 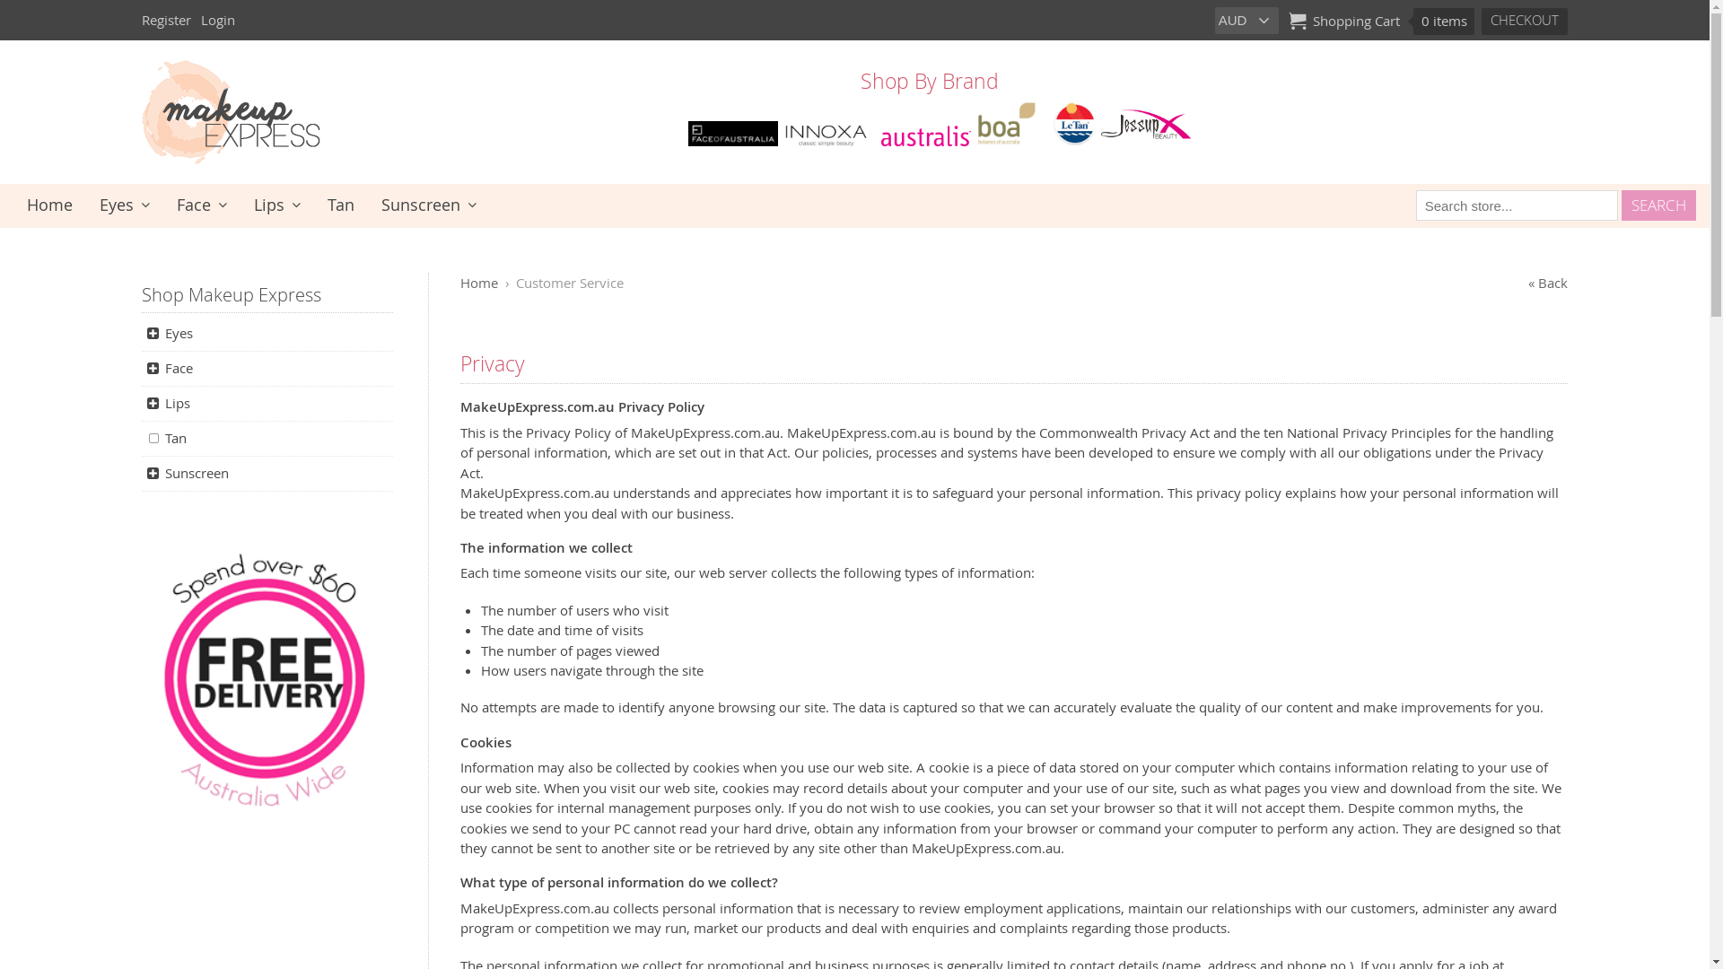 What do you see at coordinates (1657, 204) in the screenshot?
I see `'Search'` at bounding box center [1657, 204].